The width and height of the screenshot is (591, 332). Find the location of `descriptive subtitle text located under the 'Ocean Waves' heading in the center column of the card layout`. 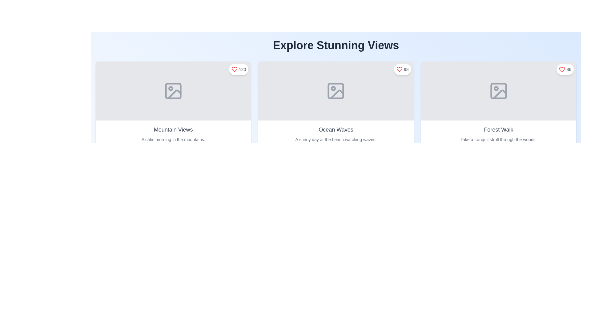

descriptive subtitle text located under the 'Ocean Waves' heading in the center column of the card layout is located at coordinates (336, 140).